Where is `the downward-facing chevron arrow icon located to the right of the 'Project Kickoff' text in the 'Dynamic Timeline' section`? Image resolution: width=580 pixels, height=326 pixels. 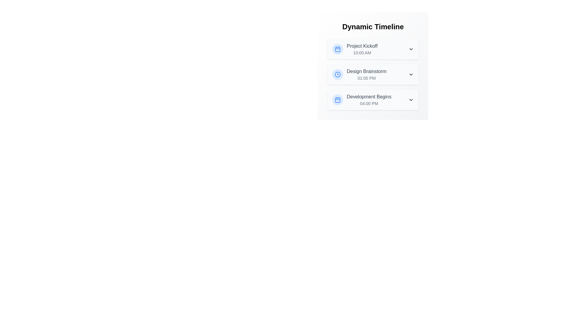 the downward-facing chevron arrow icon located to the right of the 'Project Kickoff' text in the 'Dynamic Timeline' section is located at coordinates (411, 49).